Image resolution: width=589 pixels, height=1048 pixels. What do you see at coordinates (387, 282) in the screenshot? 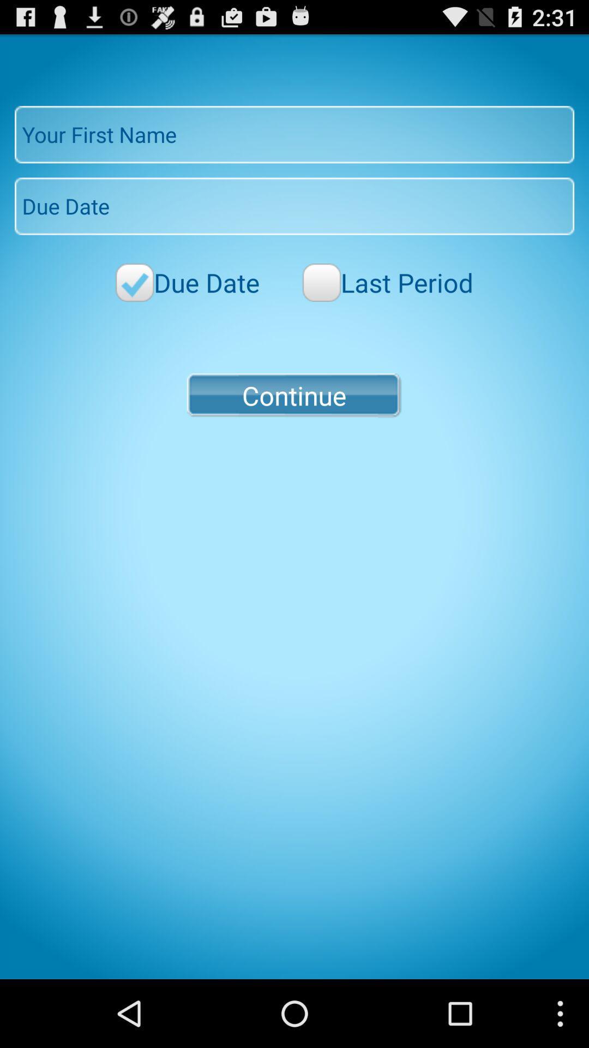
I see `the icon next to the due date` at bounding box center [387, 282].